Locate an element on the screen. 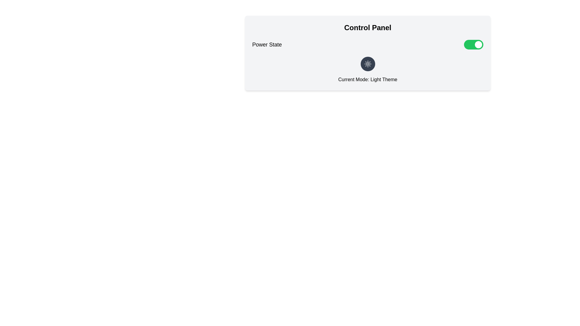 The image size is (580, 326). the toggle switch located adjacent to the 'Power State' label is located at coordinates (473, 44).